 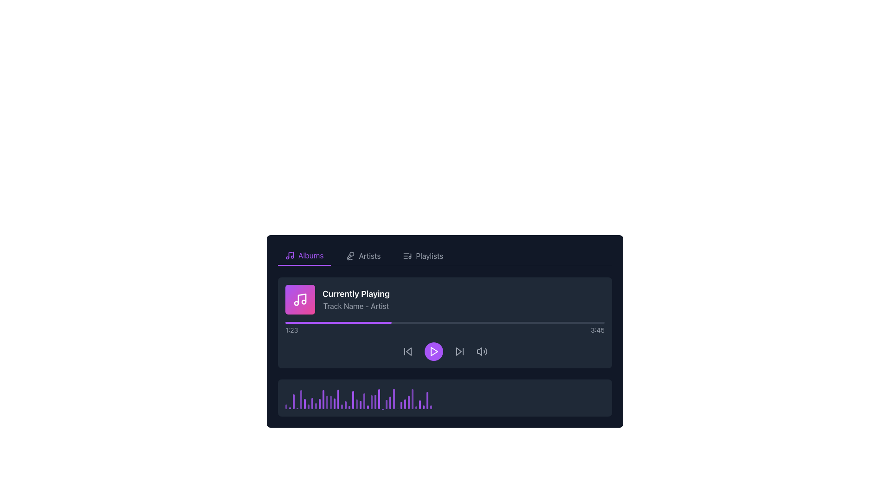 What do you see at coordinates (334, 322) in the screenshot?
I see `the playback position` at bounding box center [334, 322].